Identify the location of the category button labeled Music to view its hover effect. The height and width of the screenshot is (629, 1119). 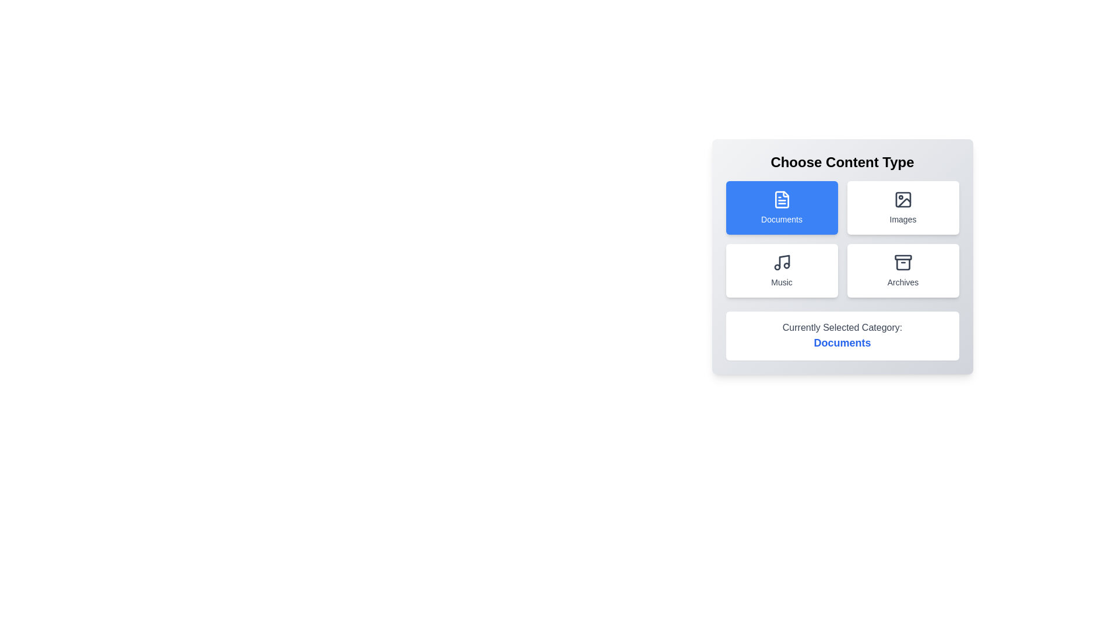
(782, 271).